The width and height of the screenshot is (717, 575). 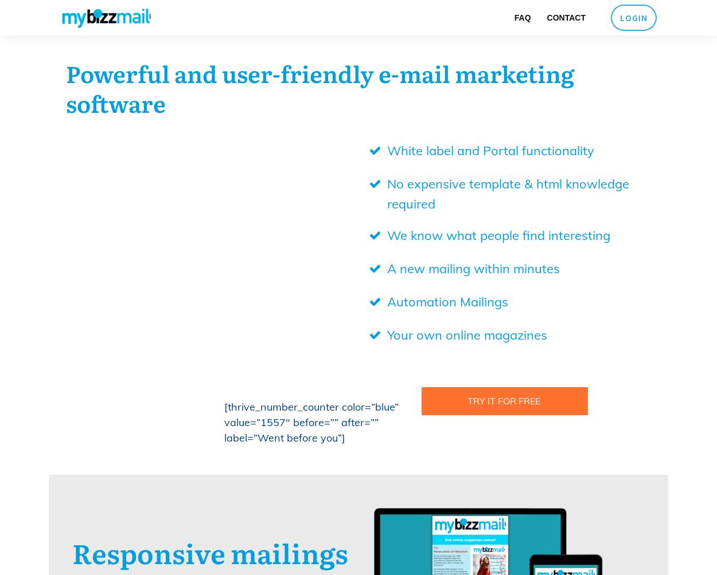 What do you see at coordinates (514, 18) in the screenshot?
I see `'FAQ'` at bounding box center [514, 18].